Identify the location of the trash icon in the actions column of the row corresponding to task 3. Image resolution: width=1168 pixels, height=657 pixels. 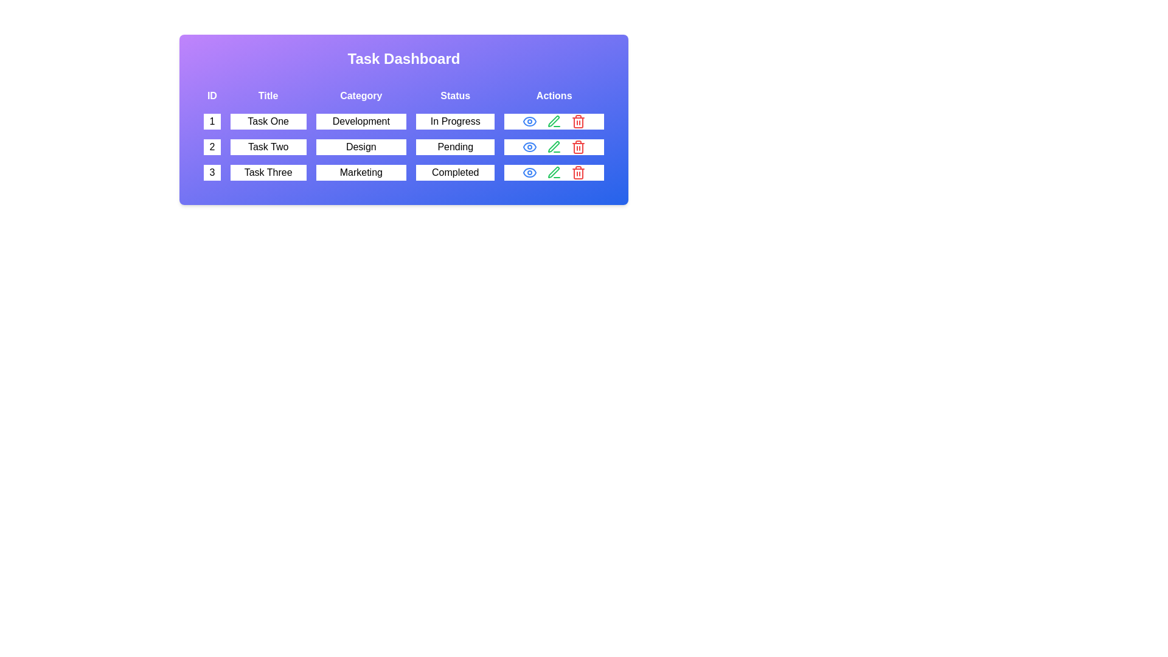
(578, 173).